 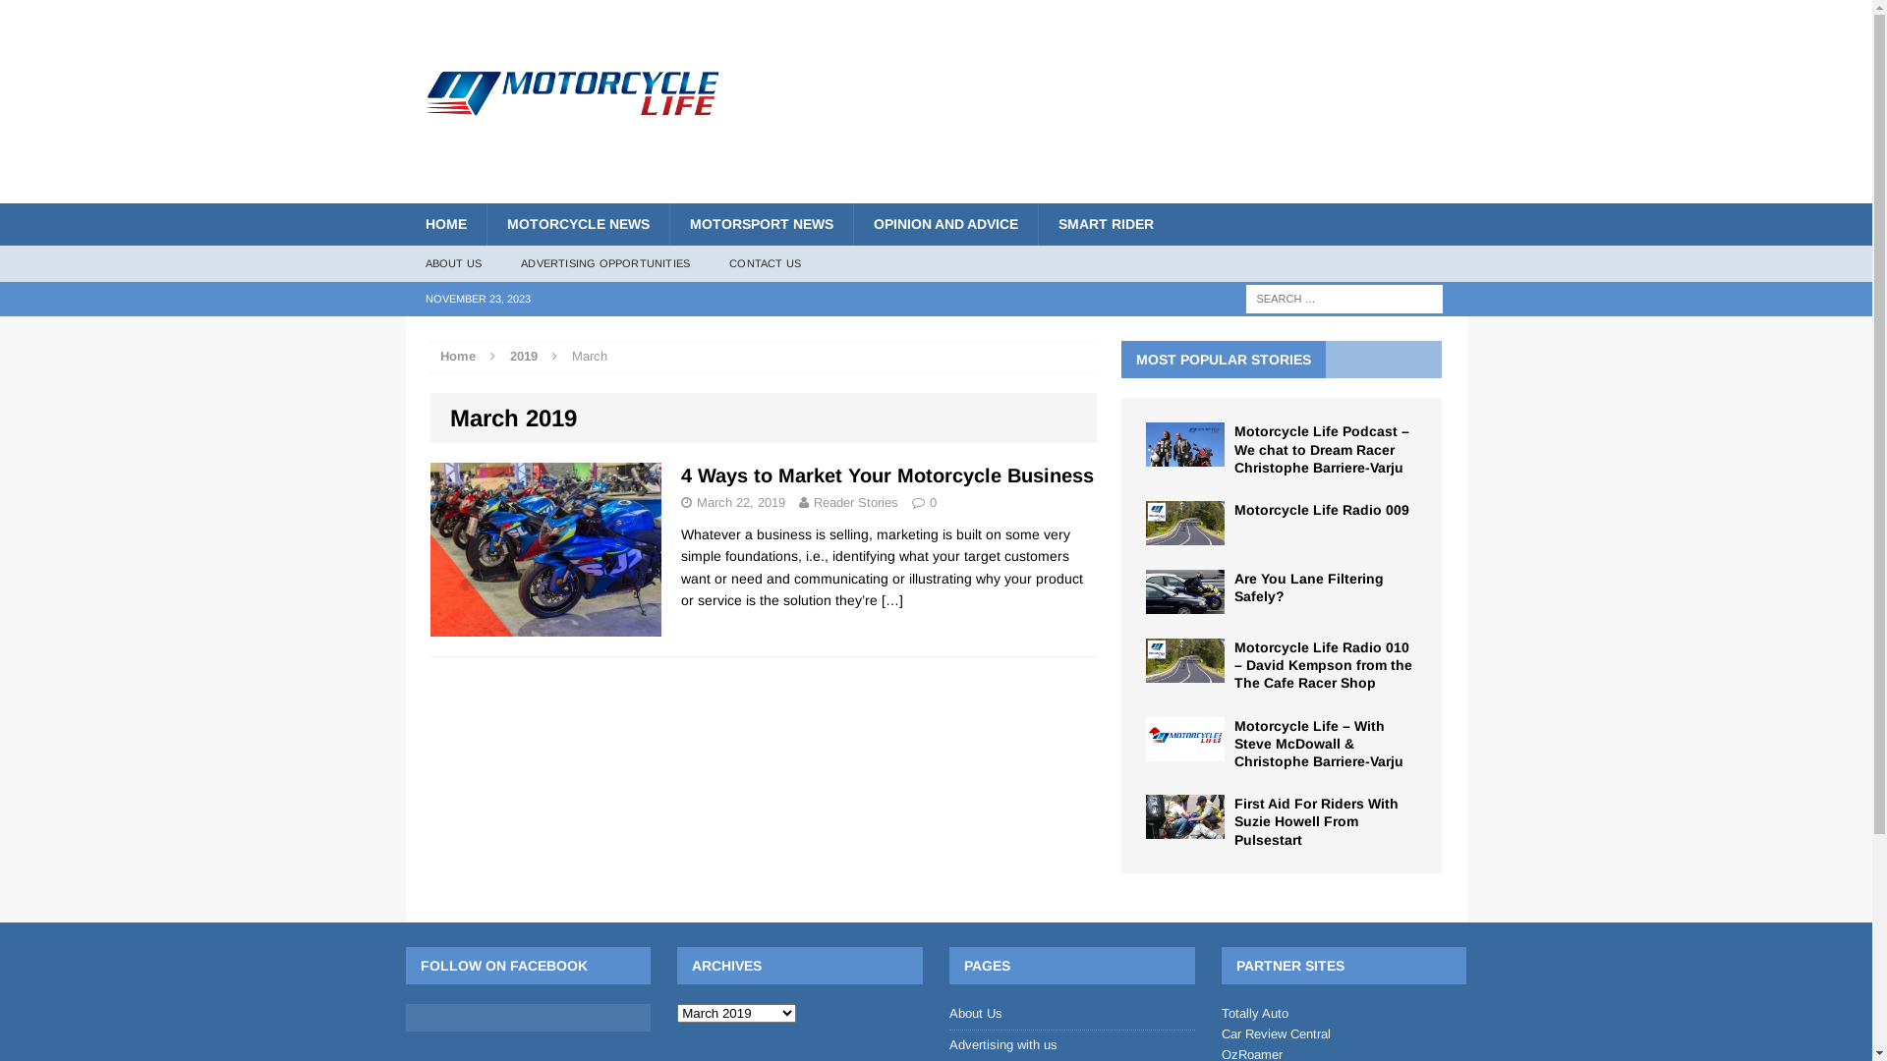 I want to click on 'Motorcycle Life Radio 009', so click(x=1183, y=533).